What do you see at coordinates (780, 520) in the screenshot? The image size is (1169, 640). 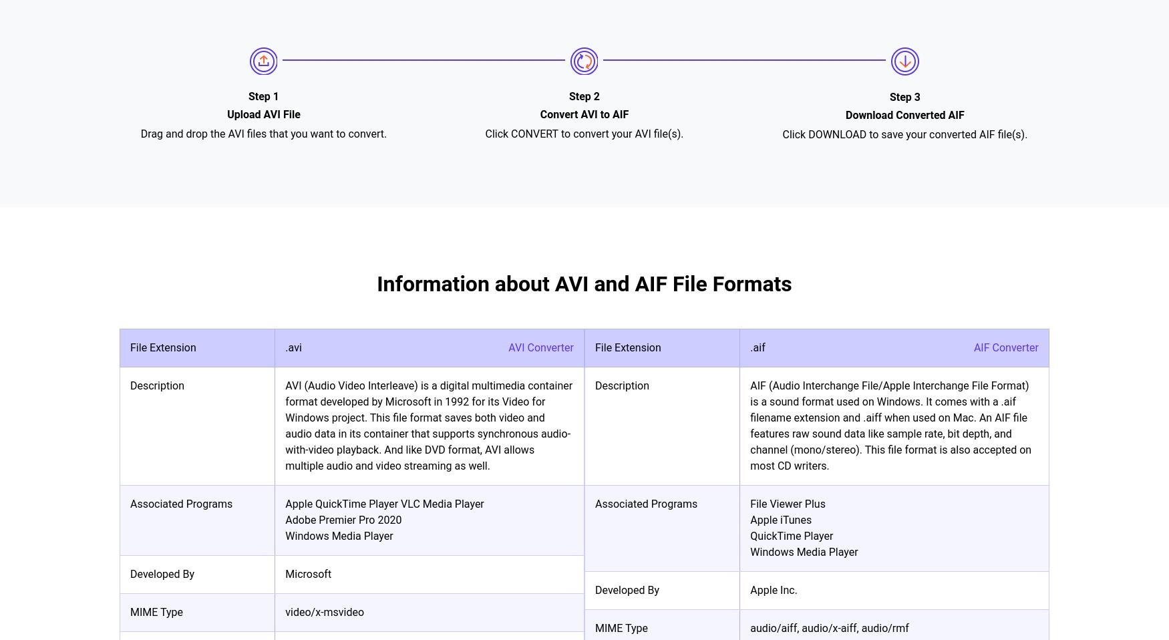 I see `'Apple iTunes'` at bounding box center [780, 520].